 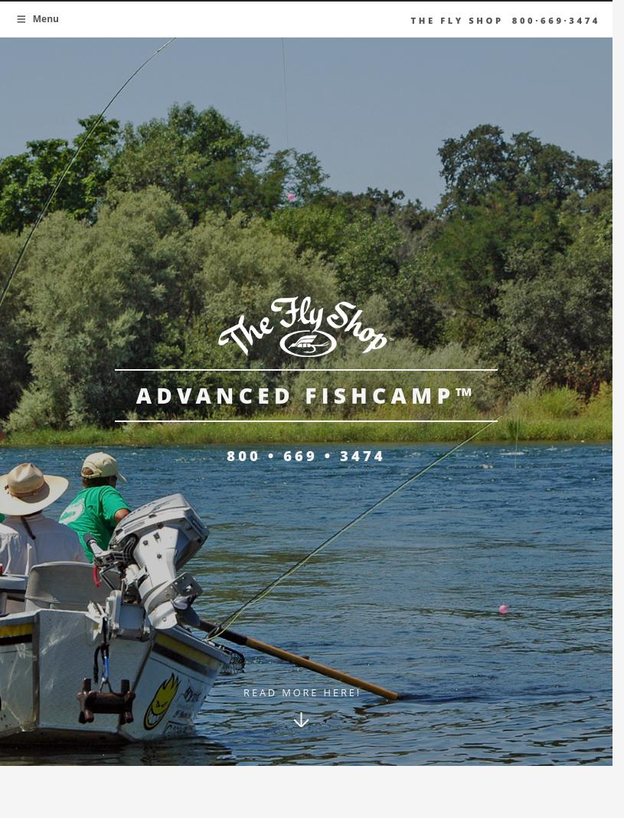 I want to click on 'Schools', so click(x=139, y=127).